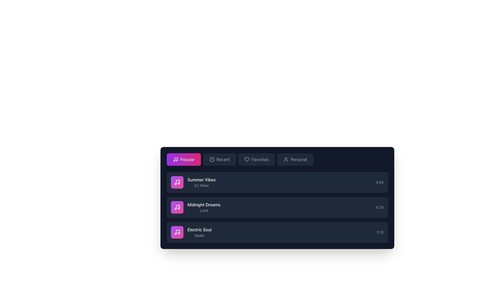 This screenshot has height=281, width=501. I want to click on the decorative music icon associated with the track 'Electric Soul', located at the center of the styled button on the far right of the music list, so click(177, 232).